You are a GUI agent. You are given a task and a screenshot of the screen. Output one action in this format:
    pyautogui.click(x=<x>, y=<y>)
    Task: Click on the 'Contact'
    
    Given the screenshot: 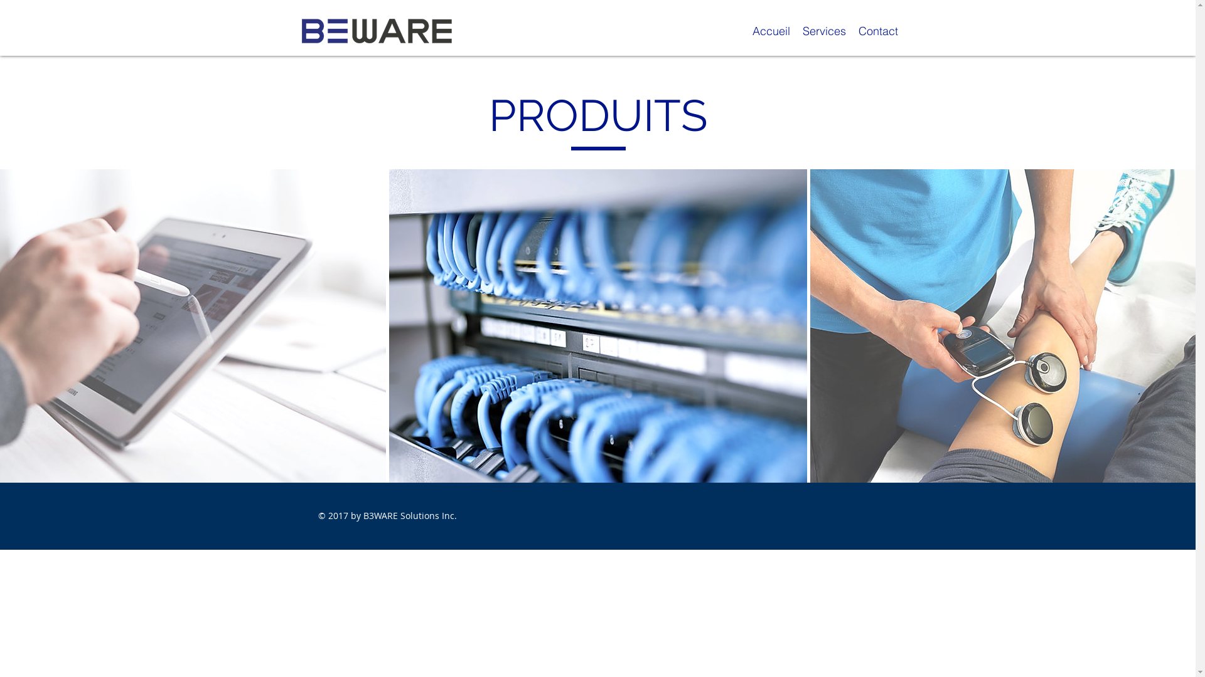 What is the action you would take?
    pyautogui.click(x=877, y=29)
    